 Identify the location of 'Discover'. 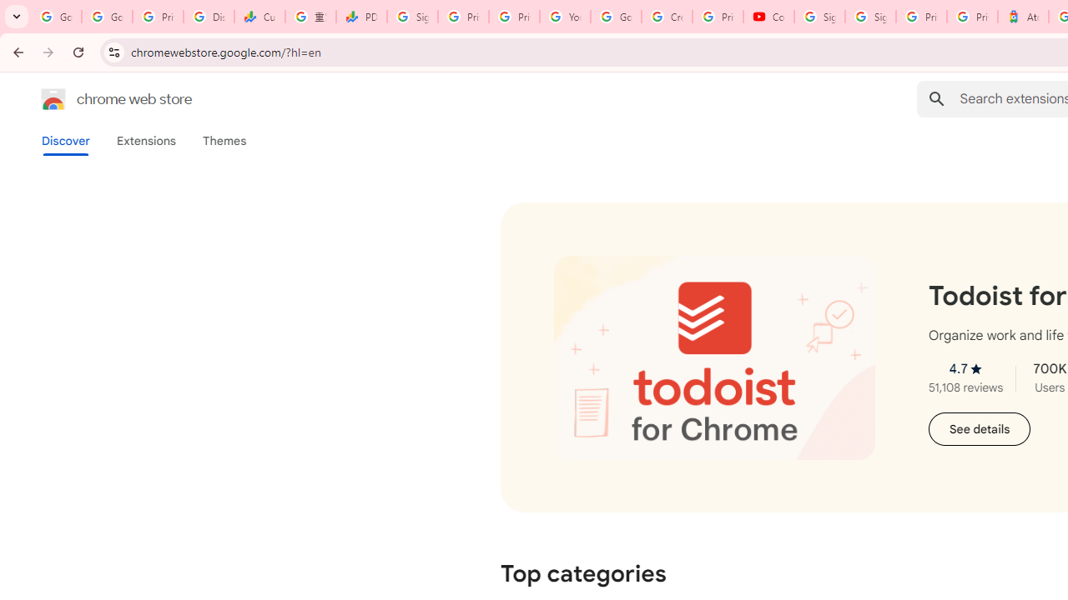
(66, 140).